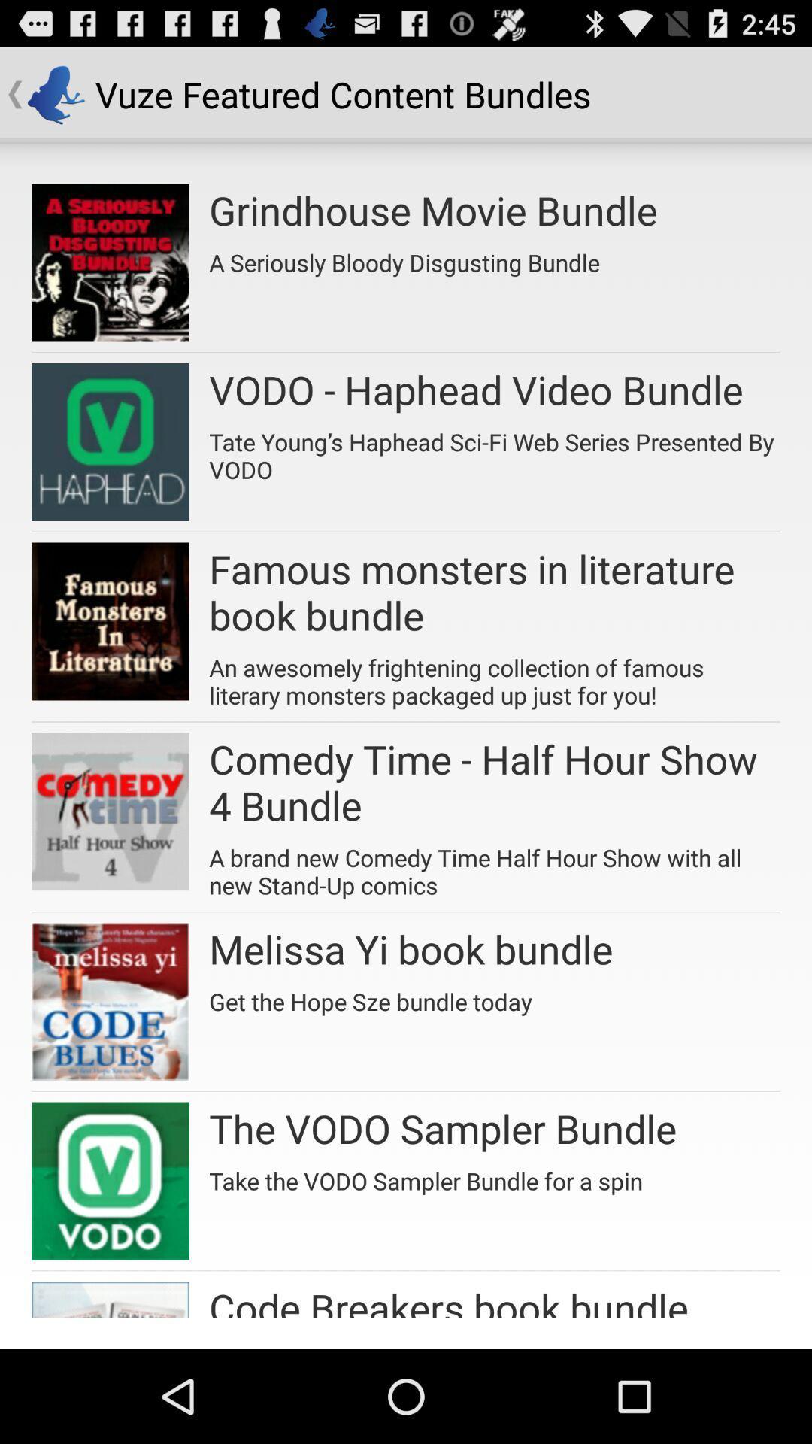 Image resolution: width=812 pixels, height=1444 pixels. I want to click on the a brand new app, so click(495, 866).